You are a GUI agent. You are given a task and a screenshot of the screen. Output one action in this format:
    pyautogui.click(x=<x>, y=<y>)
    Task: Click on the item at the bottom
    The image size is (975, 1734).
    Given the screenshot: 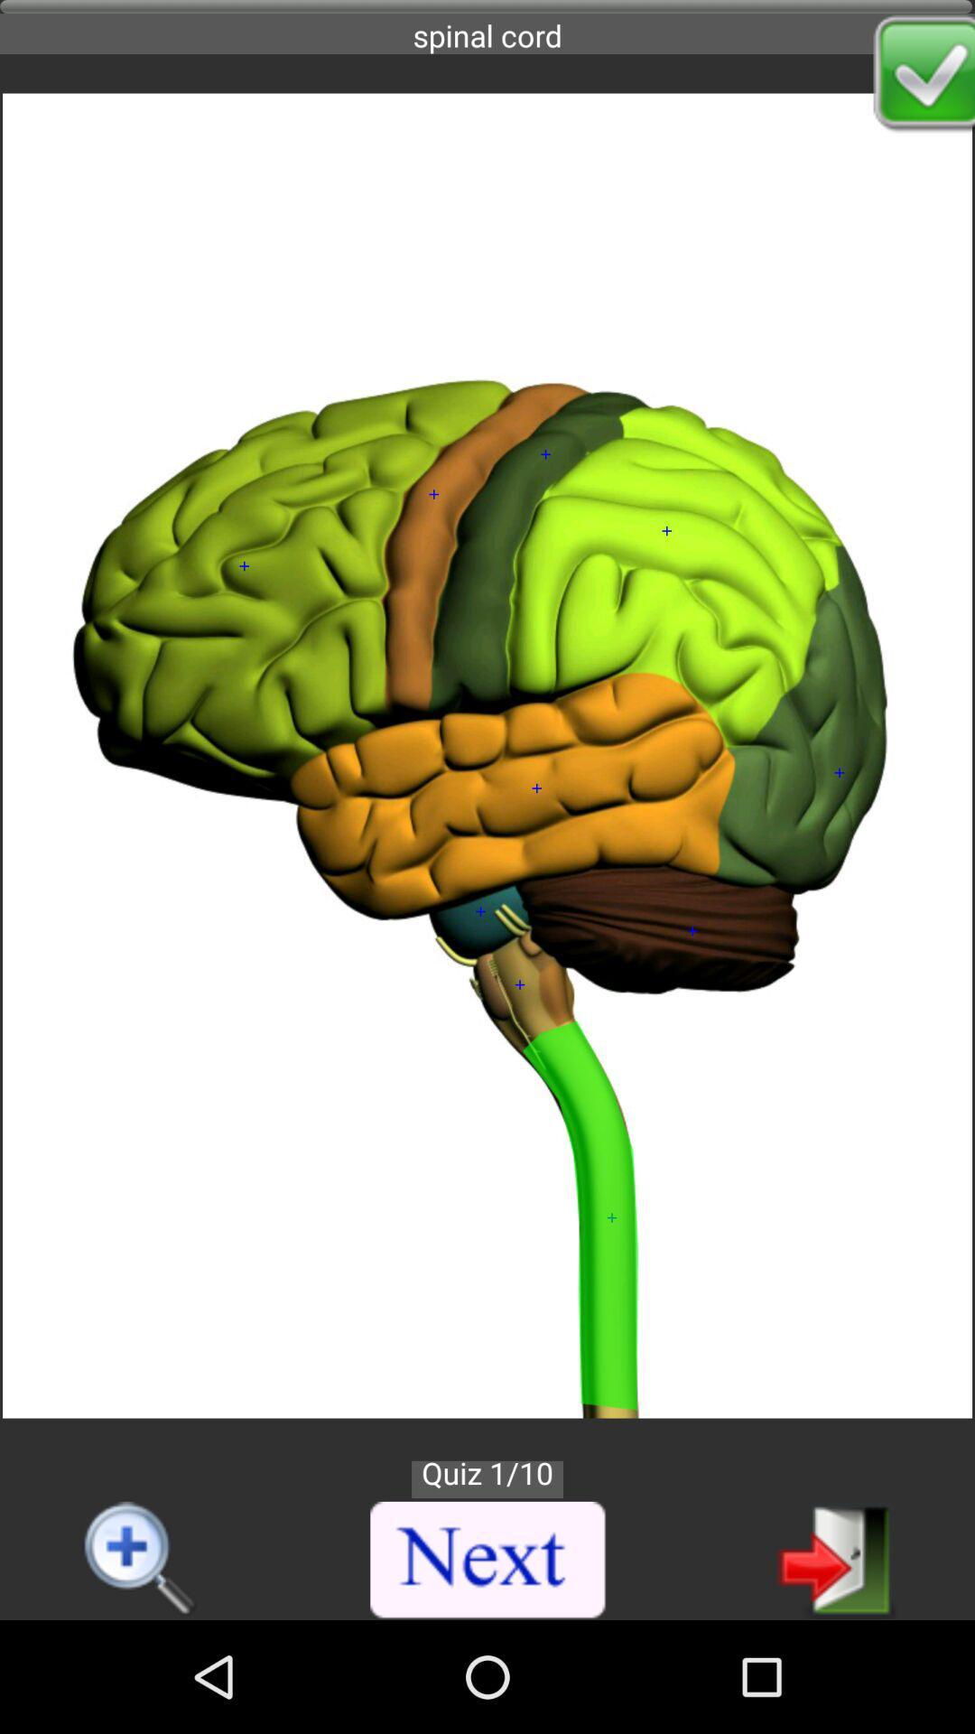 What is the action you would take?
    pyautogui.click(x=488, y=1560)
    